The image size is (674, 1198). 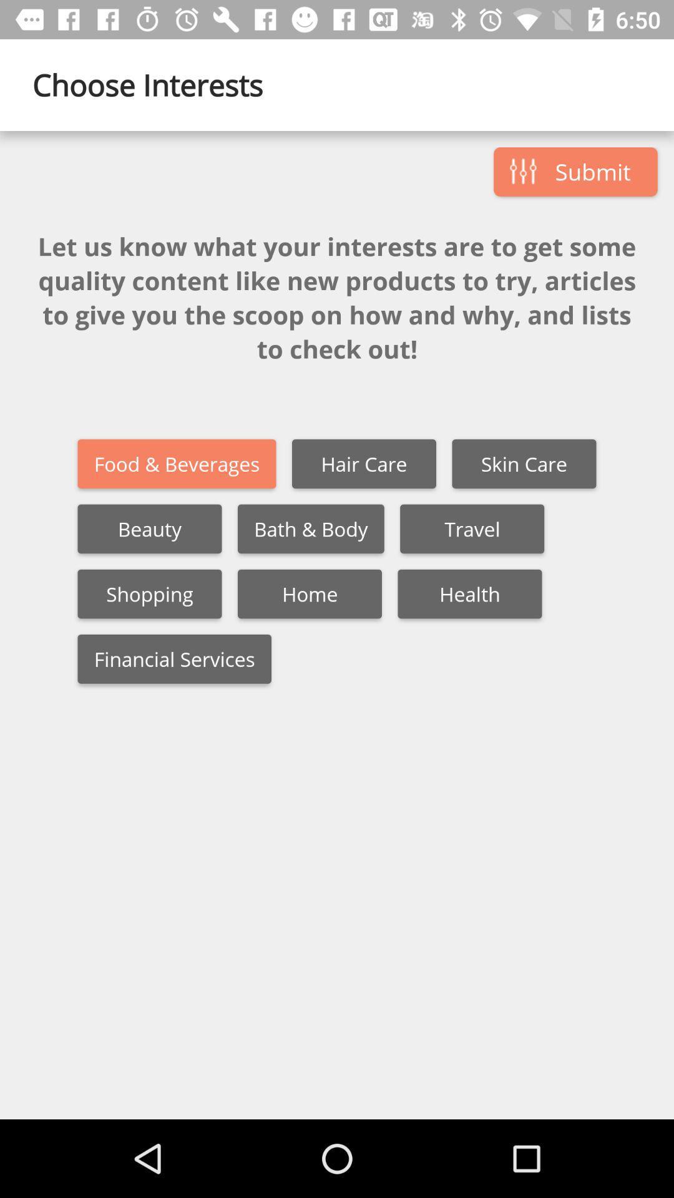 I want to click on health icon, so click(x=469, y=593).